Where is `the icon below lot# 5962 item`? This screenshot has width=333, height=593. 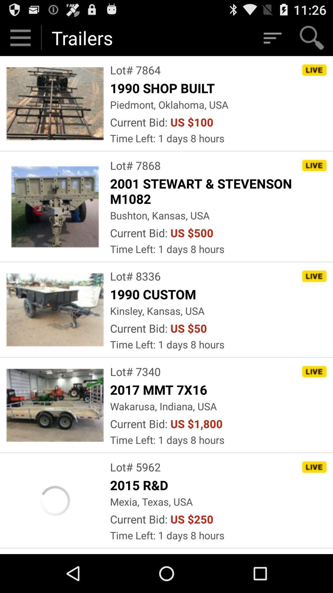
the icon below lot# 5962 item is located at coordinates (141, 485).